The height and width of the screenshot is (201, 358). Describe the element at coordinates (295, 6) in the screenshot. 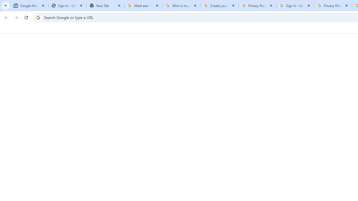

I see `'Sign in - Google Accounts'` at that location.